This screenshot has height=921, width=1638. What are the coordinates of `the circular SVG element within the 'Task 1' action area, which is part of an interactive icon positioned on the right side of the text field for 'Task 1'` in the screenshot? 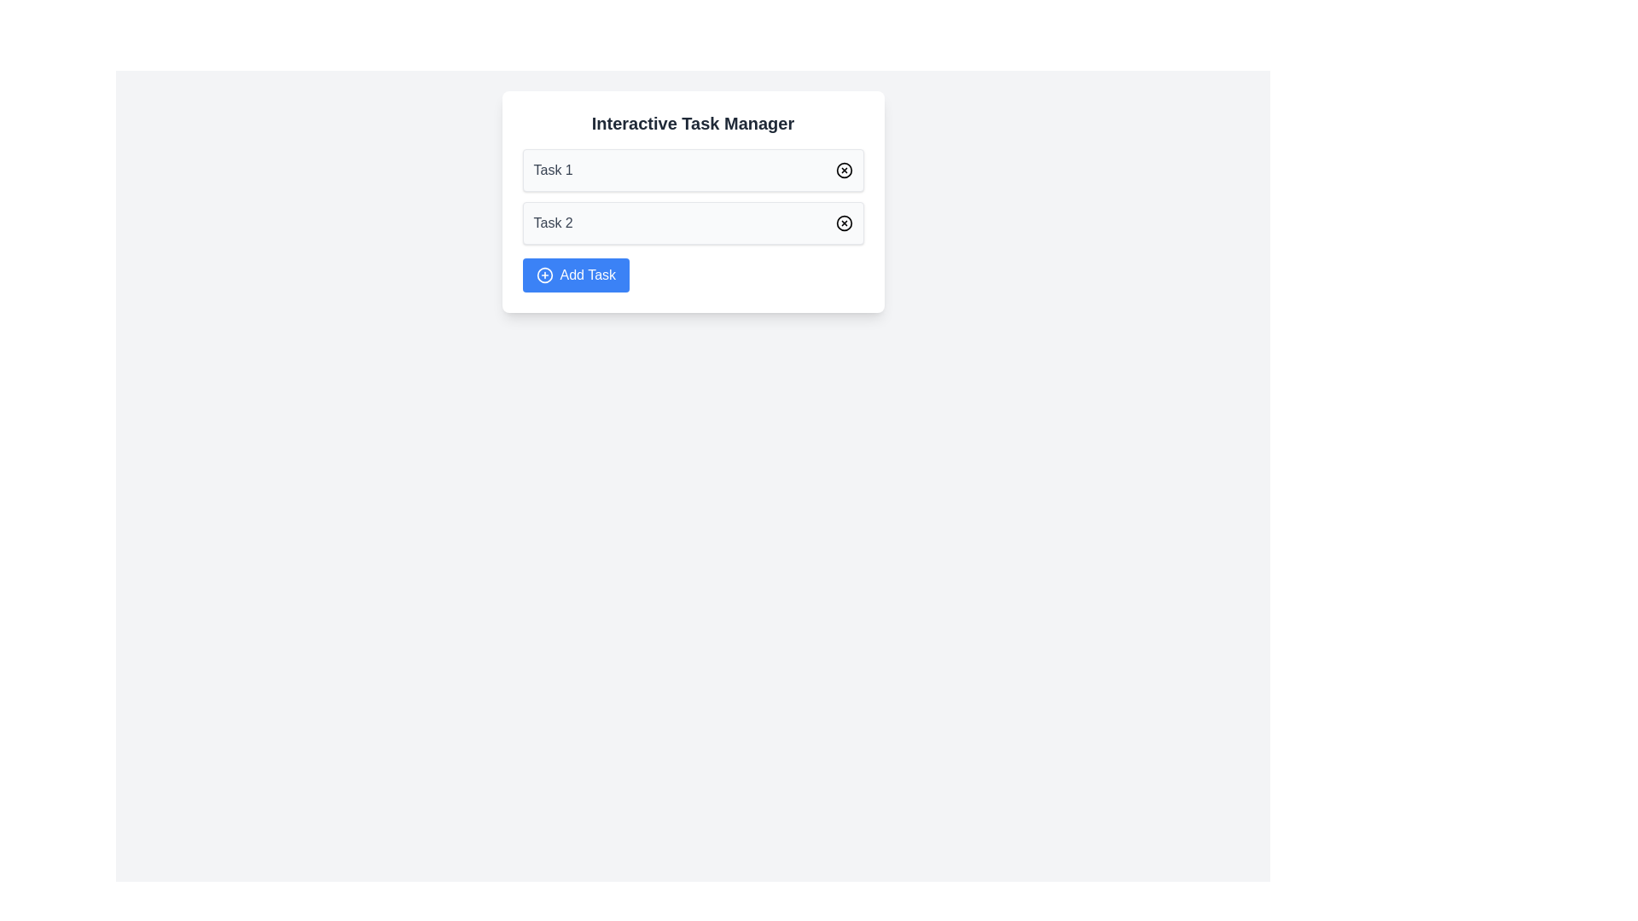 It's located at (844, 171).